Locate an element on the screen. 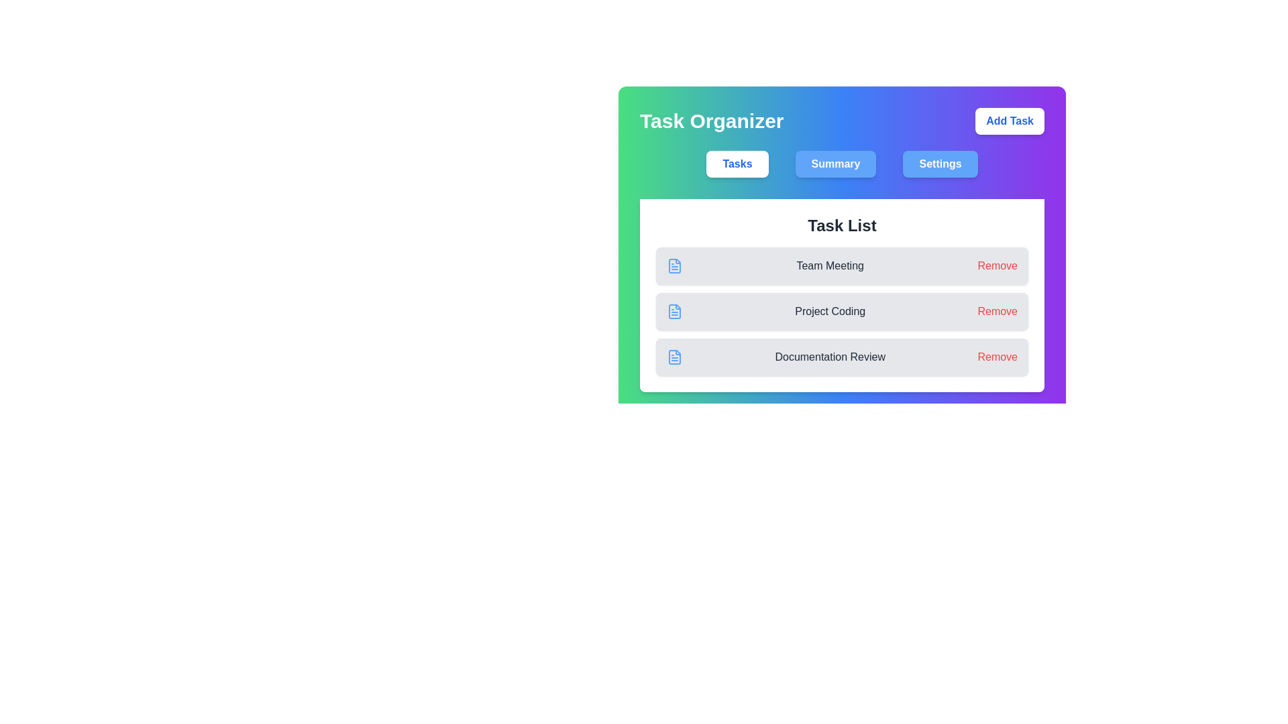  the 'Add Task' button, which is a blue button with rounded corners located in the top right section of the interface, to trigger a visual effect is located at coordinates (1010, 121).